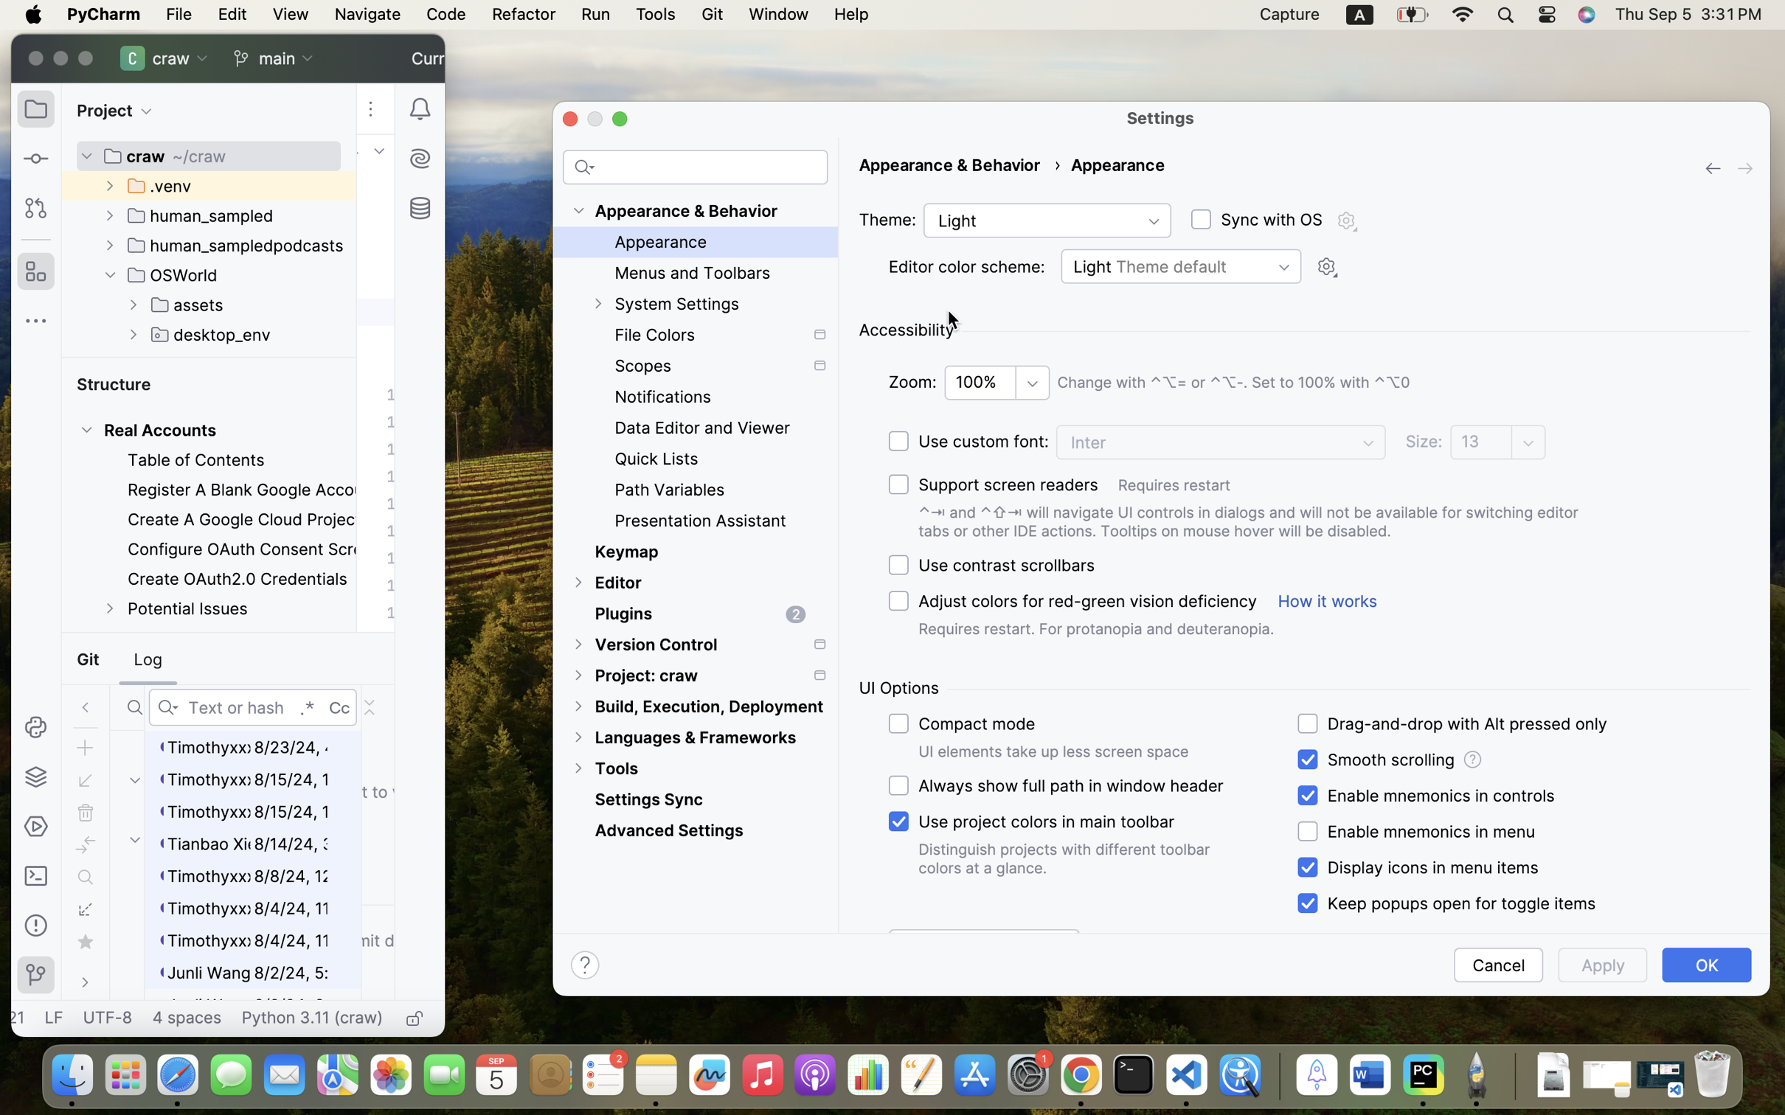 This screenshot has width=1785, height=1115. What do you see at coordinates (966, 266) in the screenshot?
I see `'Editor color scheme:'` at bounding box center [966, 266].